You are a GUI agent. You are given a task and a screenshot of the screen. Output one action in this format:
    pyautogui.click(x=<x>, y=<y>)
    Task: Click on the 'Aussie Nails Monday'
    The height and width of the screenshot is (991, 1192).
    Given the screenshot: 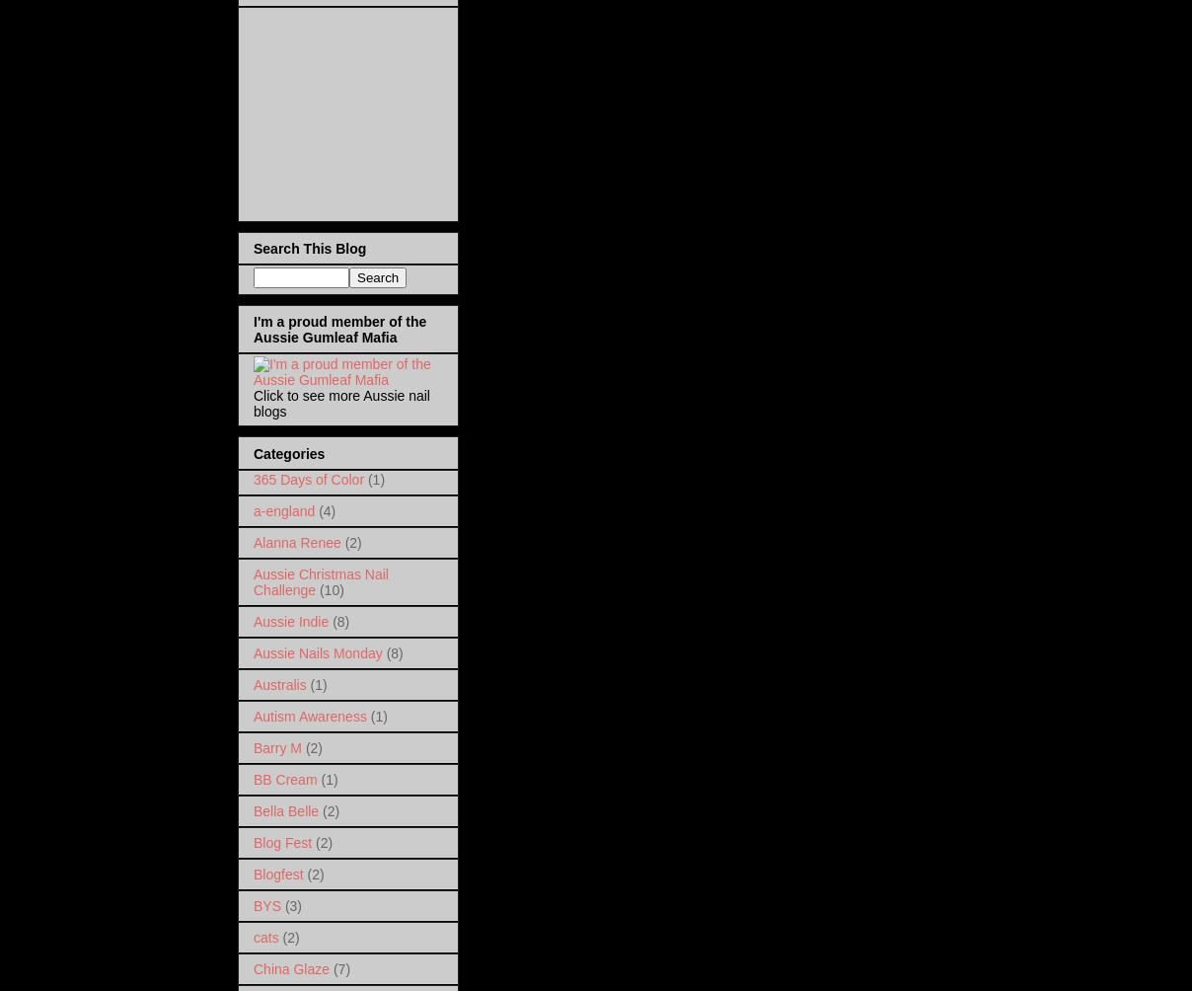 What is the action you would take?
    pyautogui.click(x=317, y=651)
    